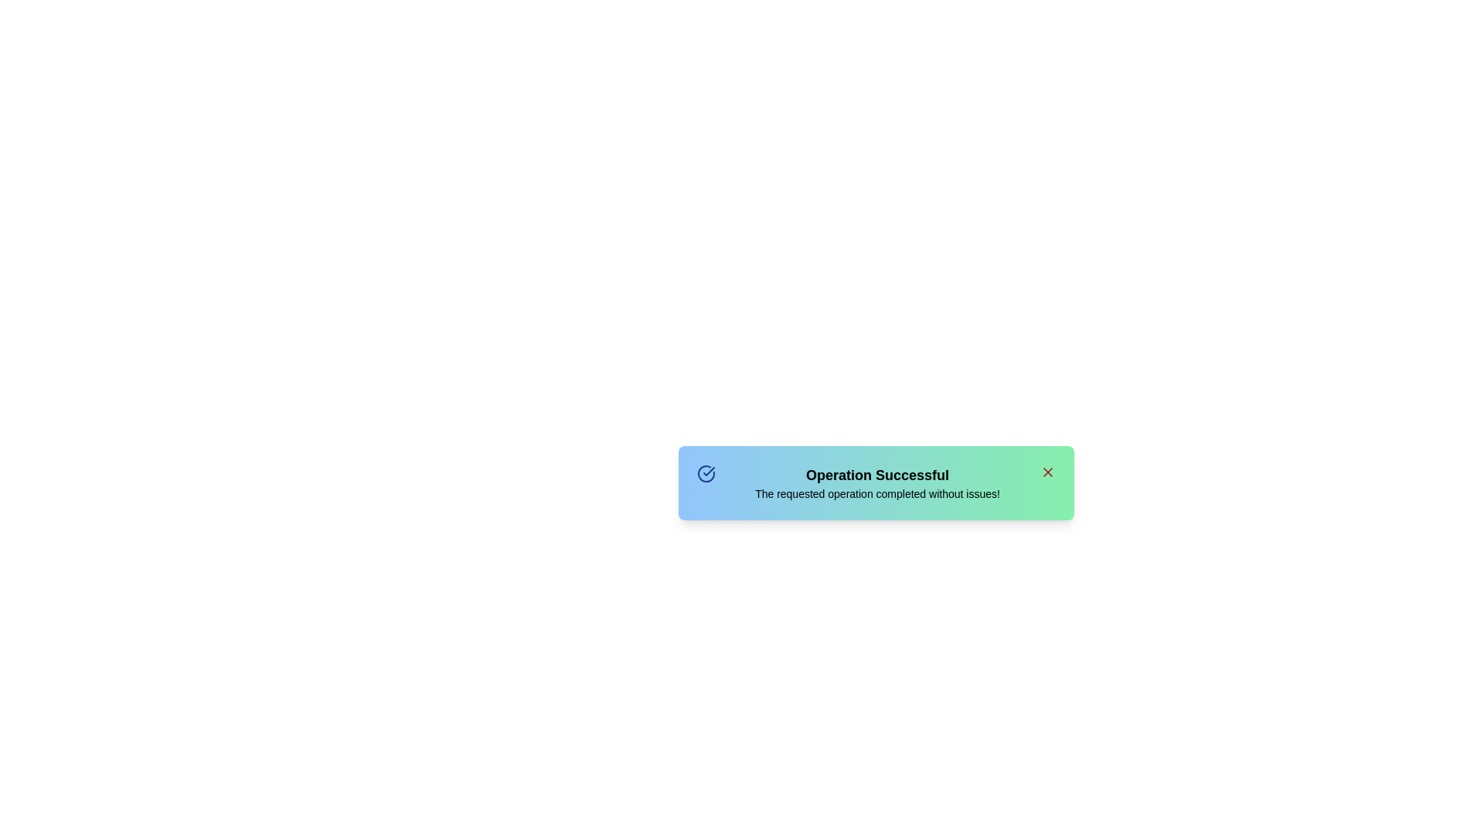 The width and height of the screenshot is (1484, 835). I want to click on the close button to dismiss the alert, so click(1047, 471).